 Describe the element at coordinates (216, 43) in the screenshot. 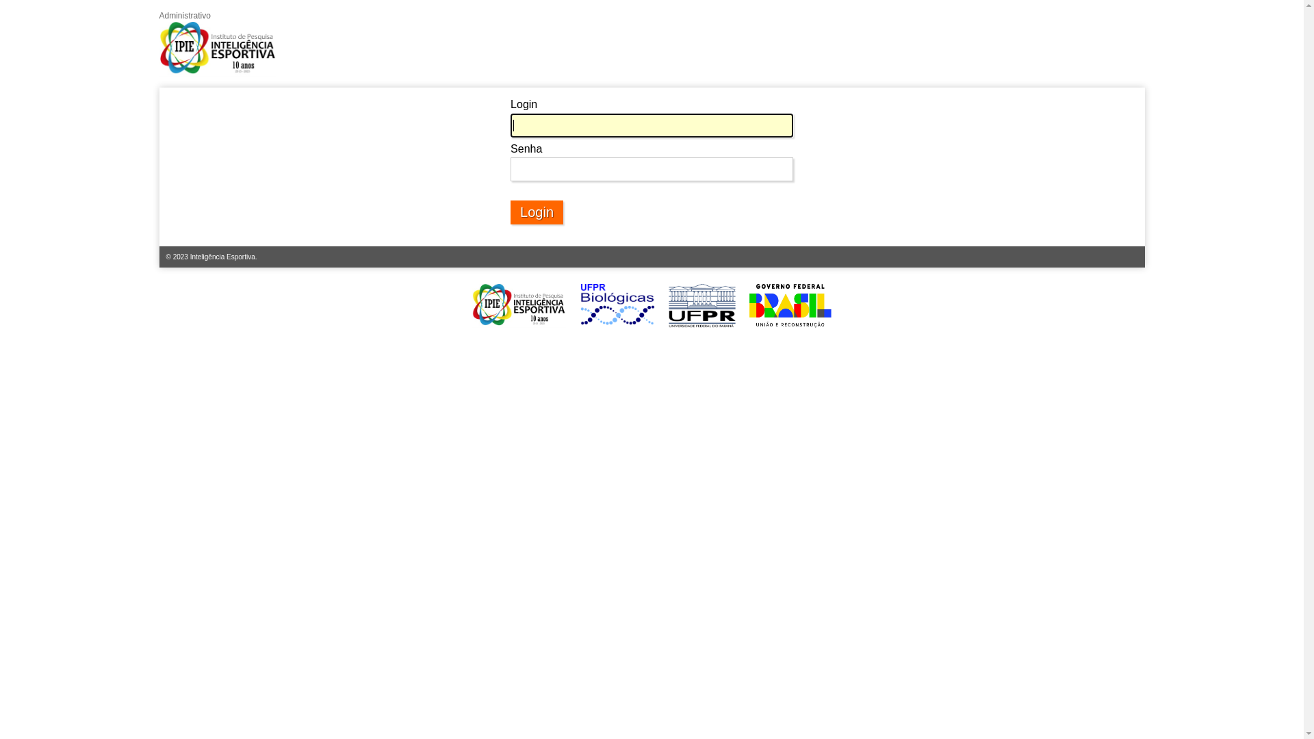

I see `'Administrativo'` at that location.